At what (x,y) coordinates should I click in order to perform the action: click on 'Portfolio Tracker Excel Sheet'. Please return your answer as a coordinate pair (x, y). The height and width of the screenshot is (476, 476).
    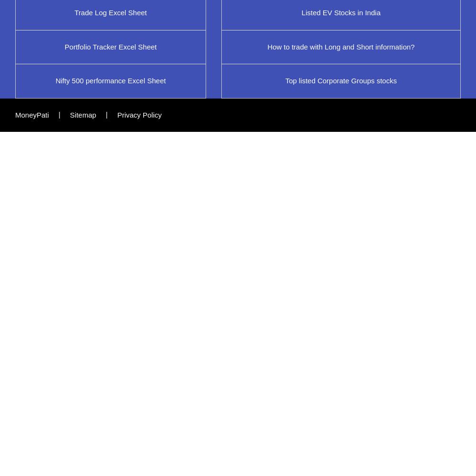
    Looking at the image, I should click on (110, 46).